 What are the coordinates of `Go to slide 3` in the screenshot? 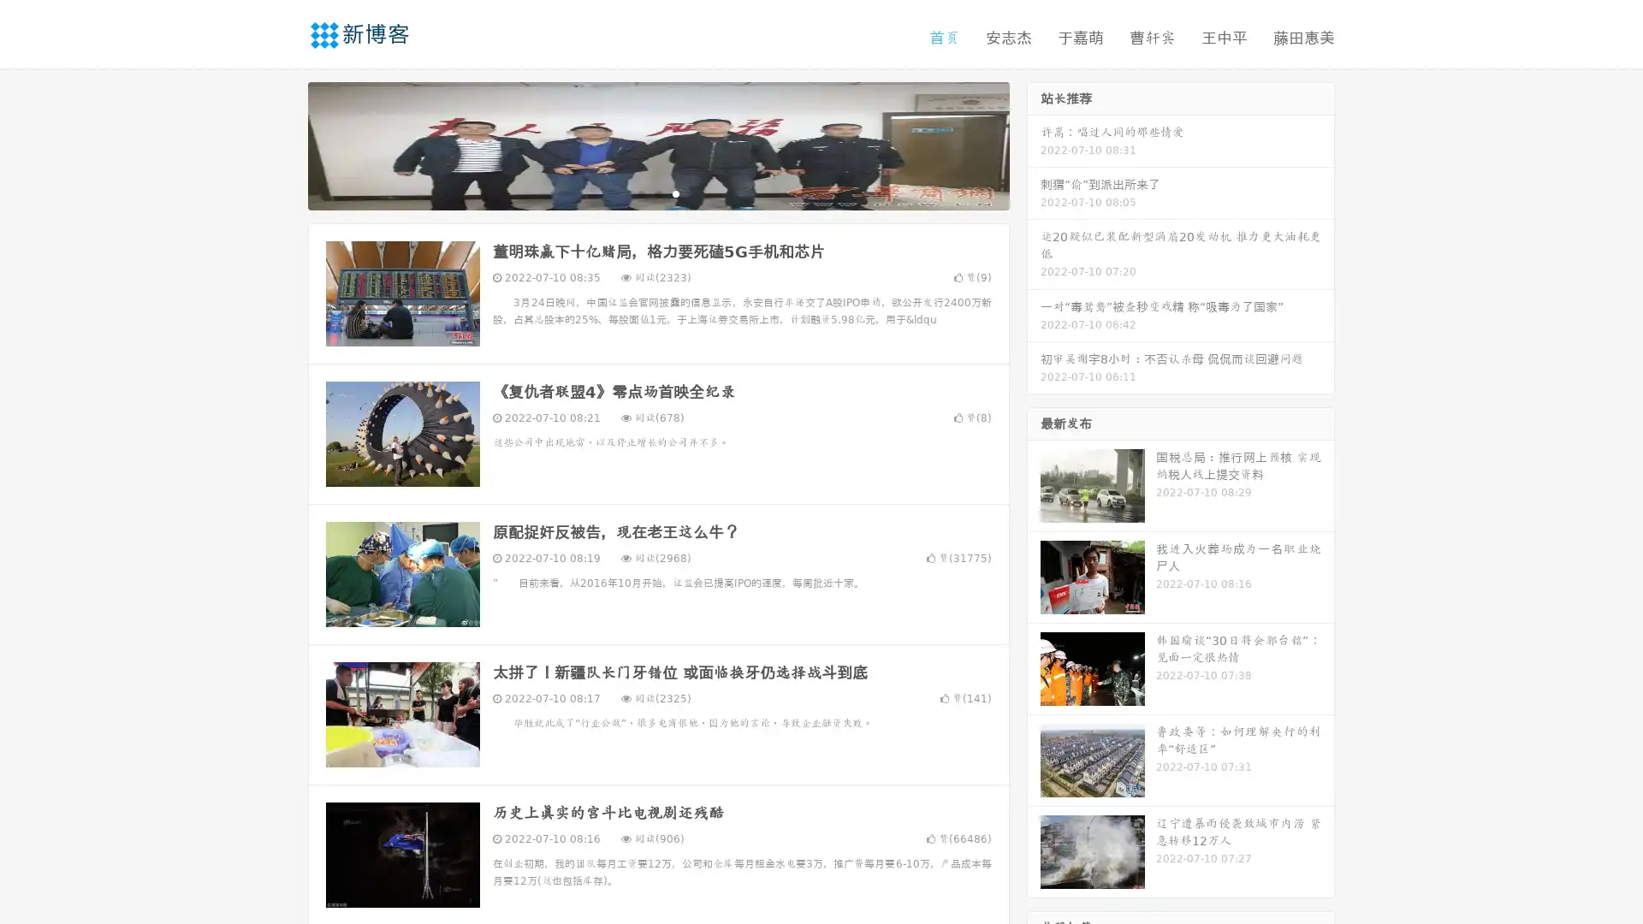 It's located at (675, 192).